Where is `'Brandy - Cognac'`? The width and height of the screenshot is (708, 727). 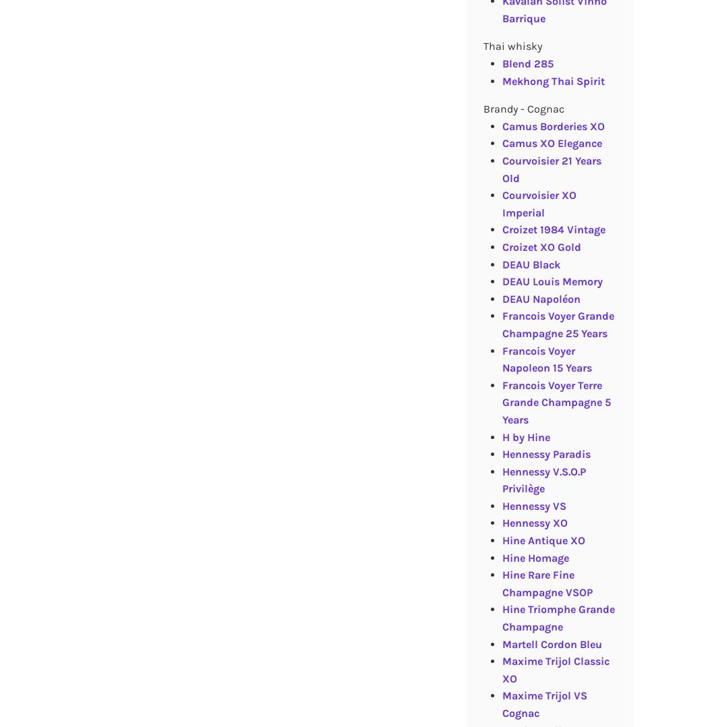
'Brandy - Cognac' is located at coordinates (523, 108).